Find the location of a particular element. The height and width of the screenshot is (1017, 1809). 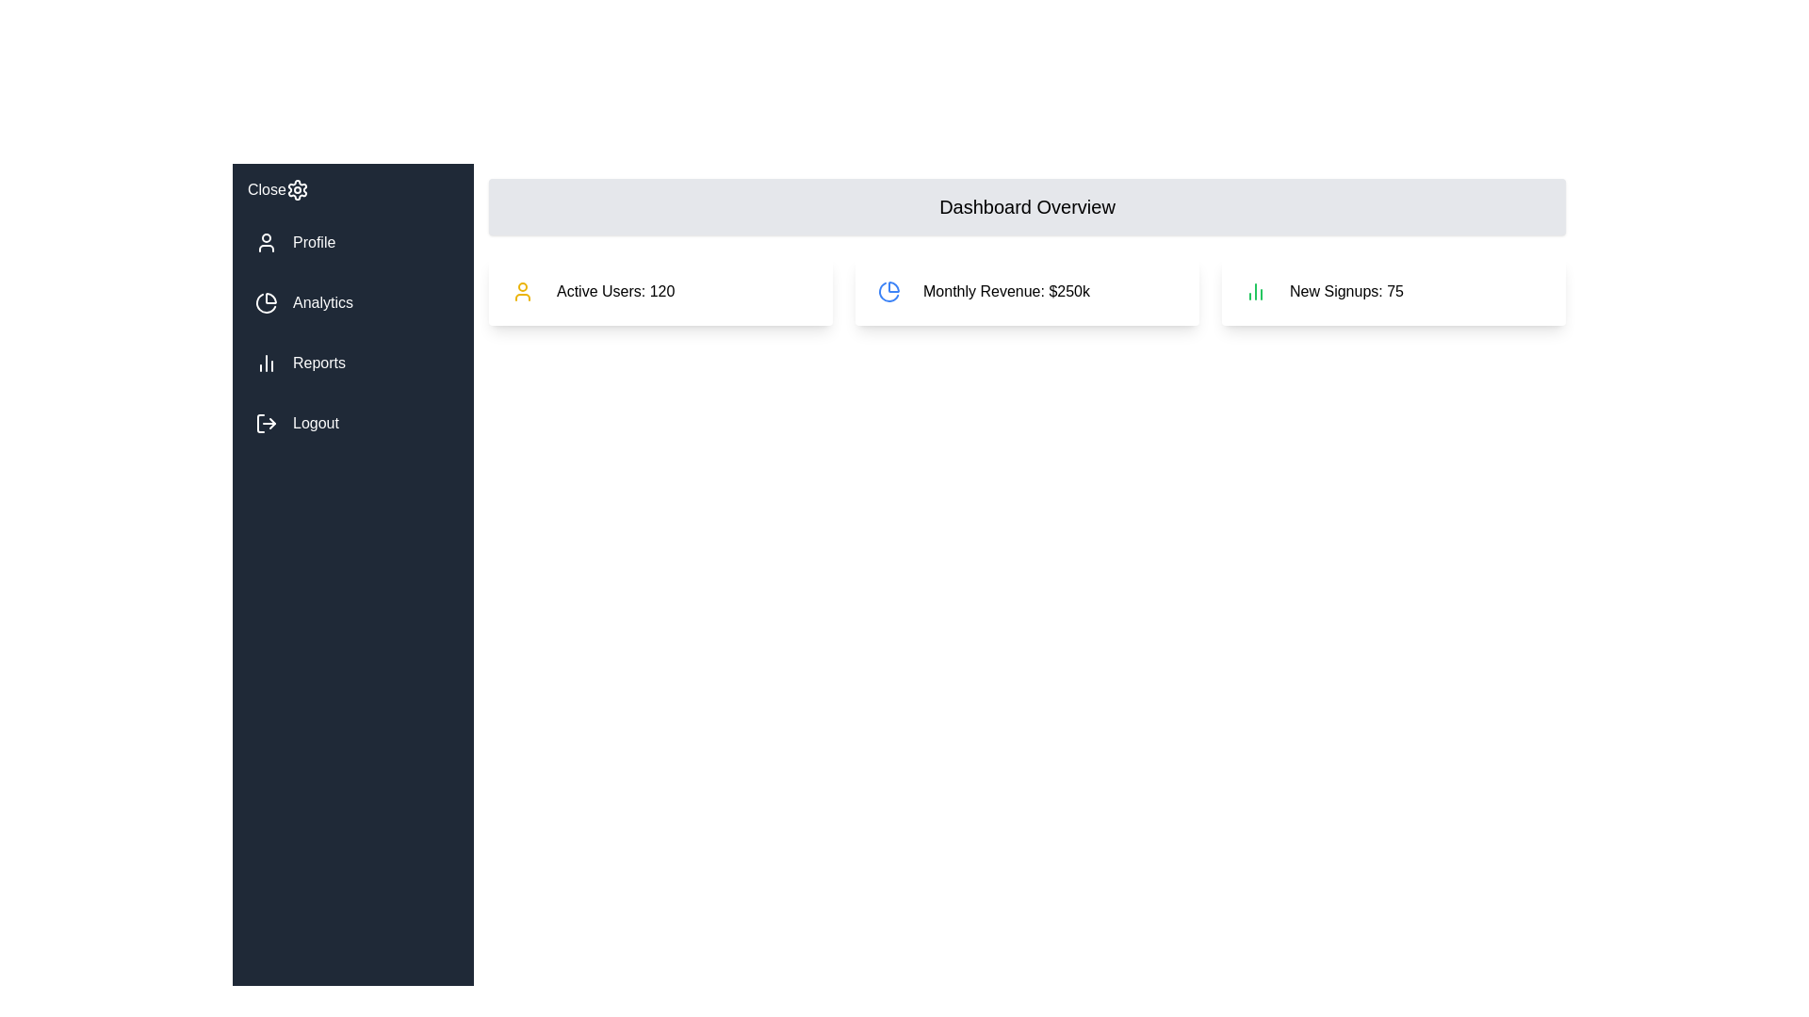

the logout button located at the bottom of the vertical list on the left sidebar, below 'Profile', 'Analytics', and 'Reports' to terminate the session is located at coordinates (352, 424).